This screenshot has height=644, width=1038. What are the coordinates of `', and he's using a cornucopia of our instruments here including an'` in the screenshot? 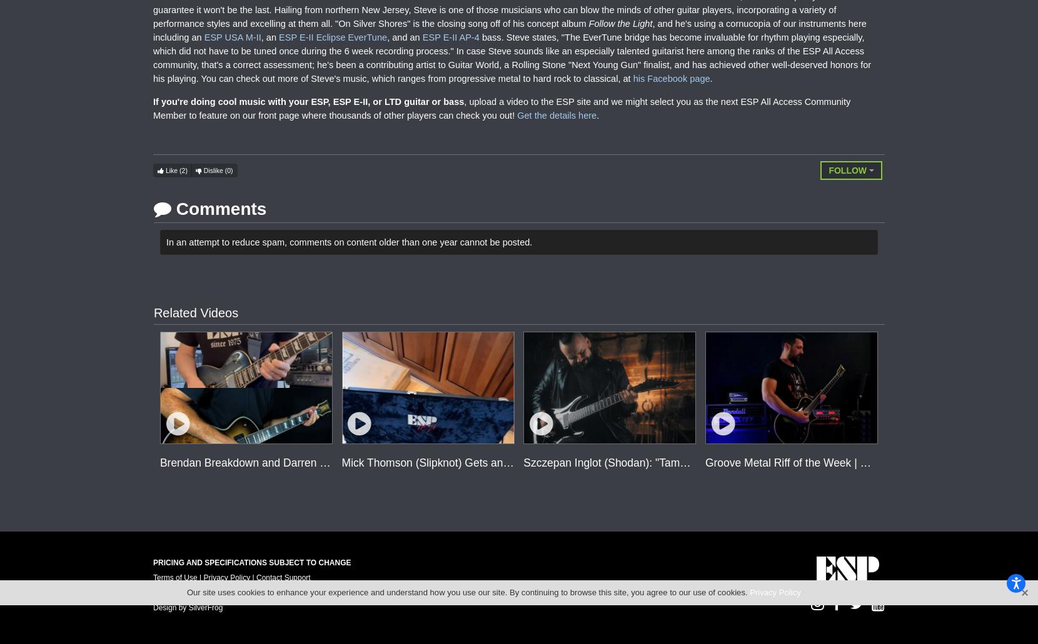 It's located at (510, 30).